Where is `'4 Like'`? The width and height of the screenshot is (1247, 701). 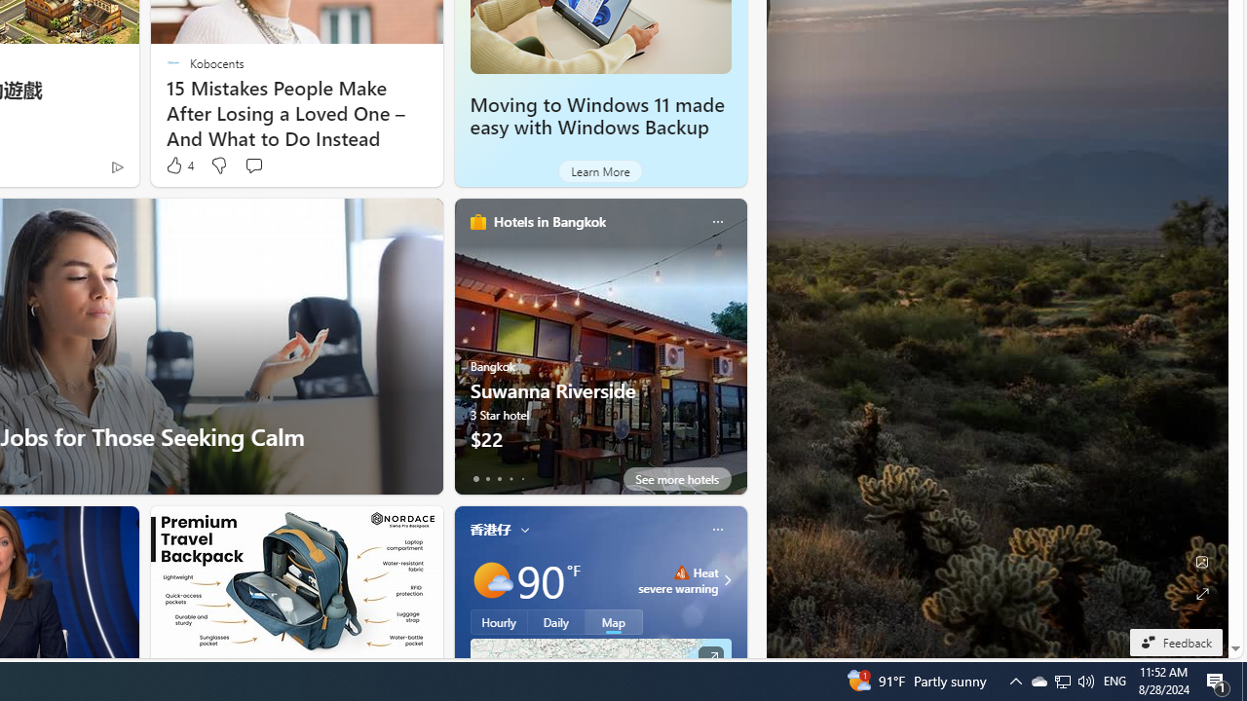
'4 Like' is located at coordinates (178, 165).